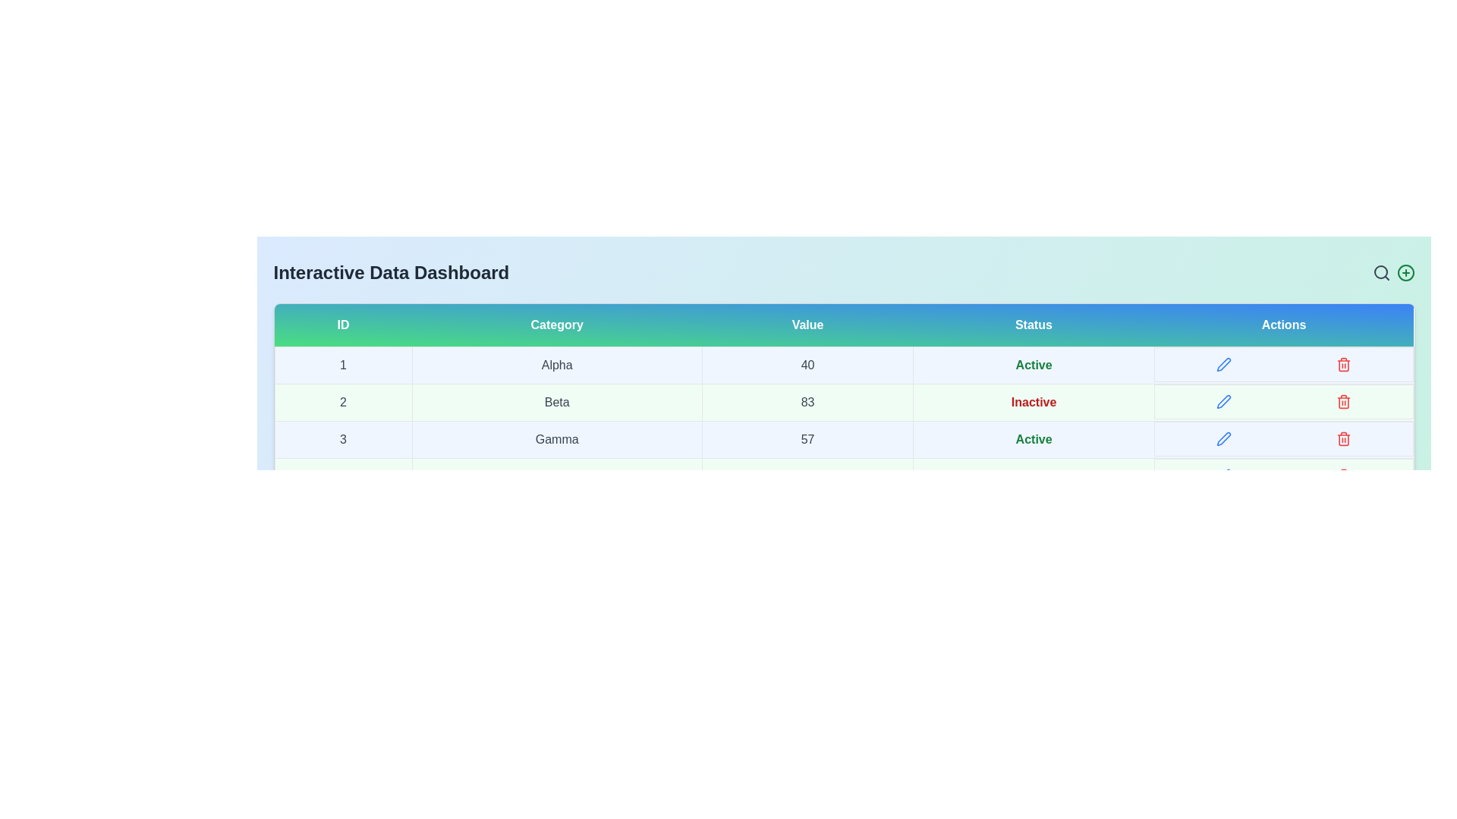  Describe the element at coordinates (341, 324) in the screenshot. I see `the table header ID to sort or filter the data` at that location.